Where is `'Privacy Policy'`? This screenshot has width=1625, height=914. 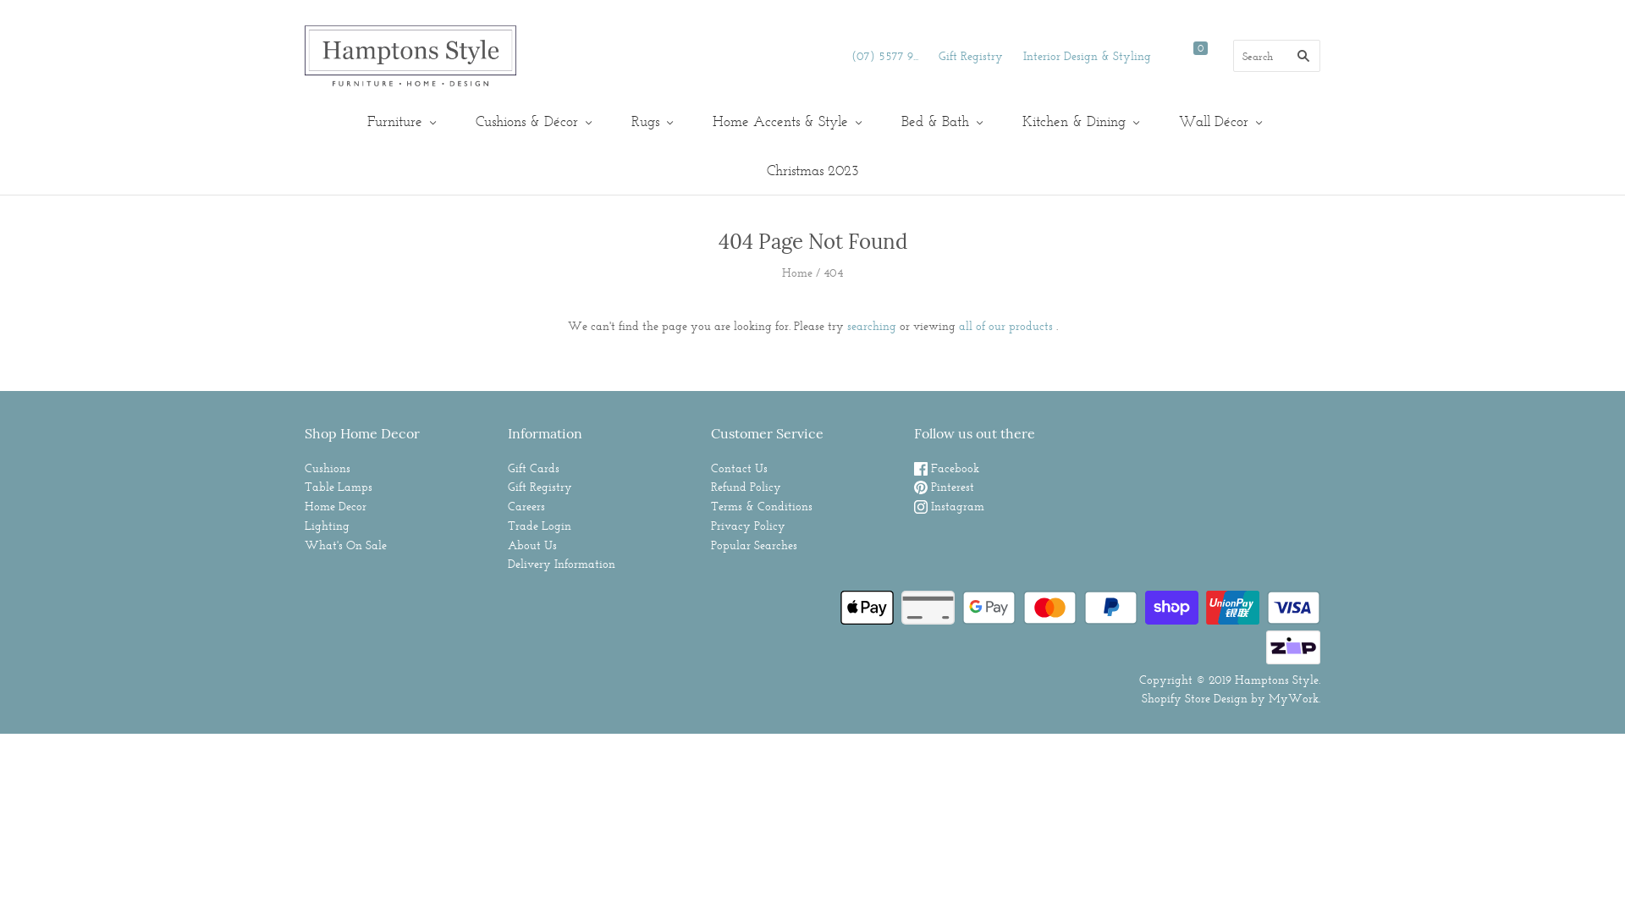 'Privacy Policy' is located at coordinates (746, 525).